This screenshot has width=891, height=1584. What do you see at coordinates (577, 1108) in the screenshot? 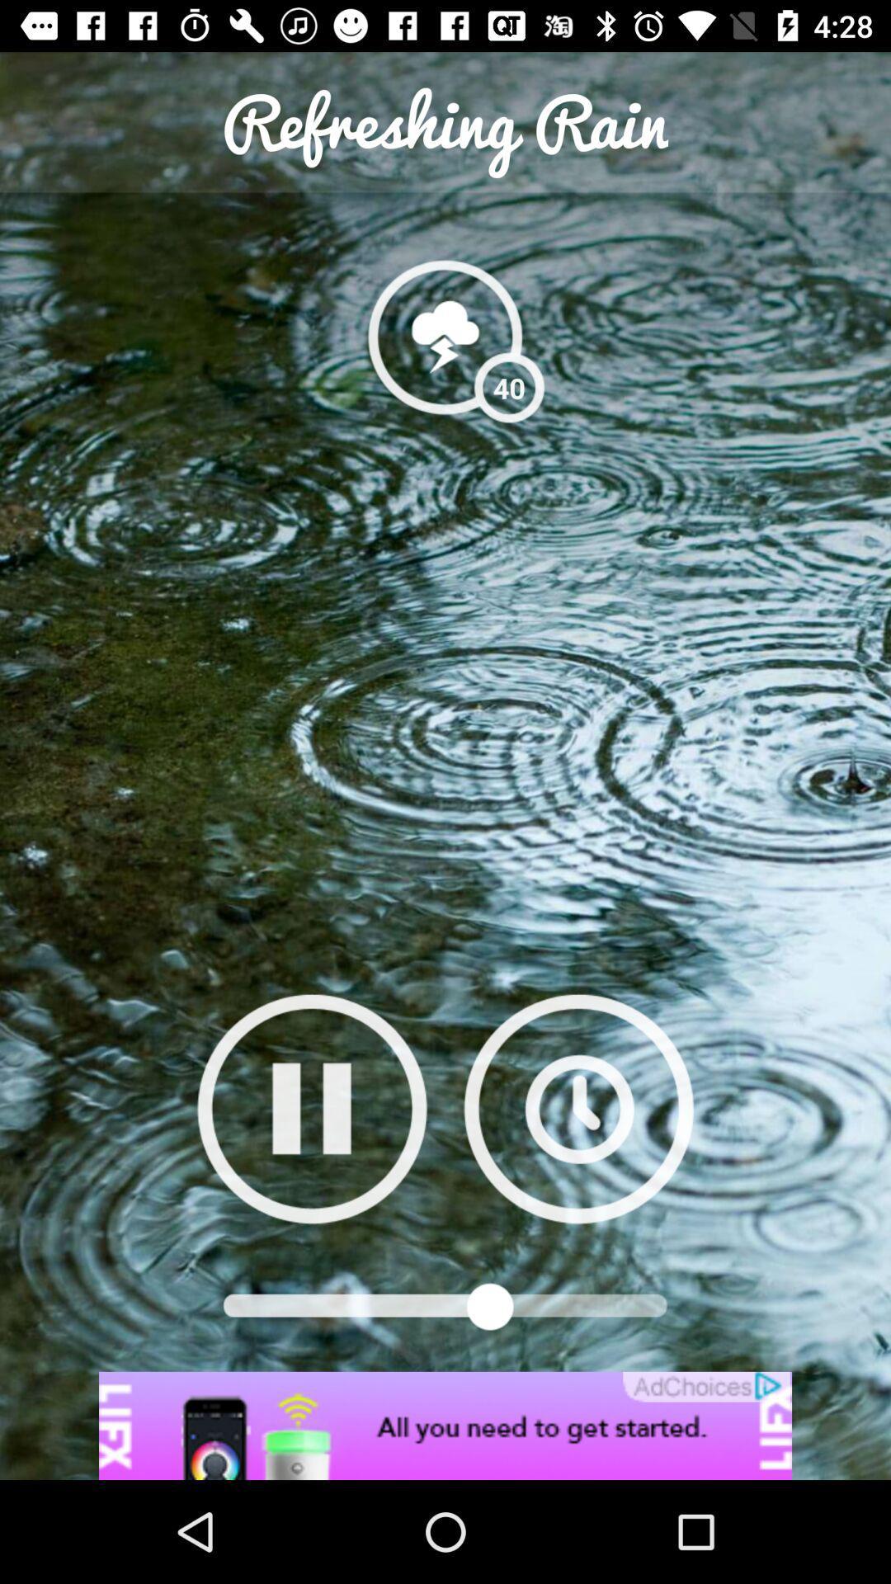
I see `set timer` at bounding box center [577, 1108].